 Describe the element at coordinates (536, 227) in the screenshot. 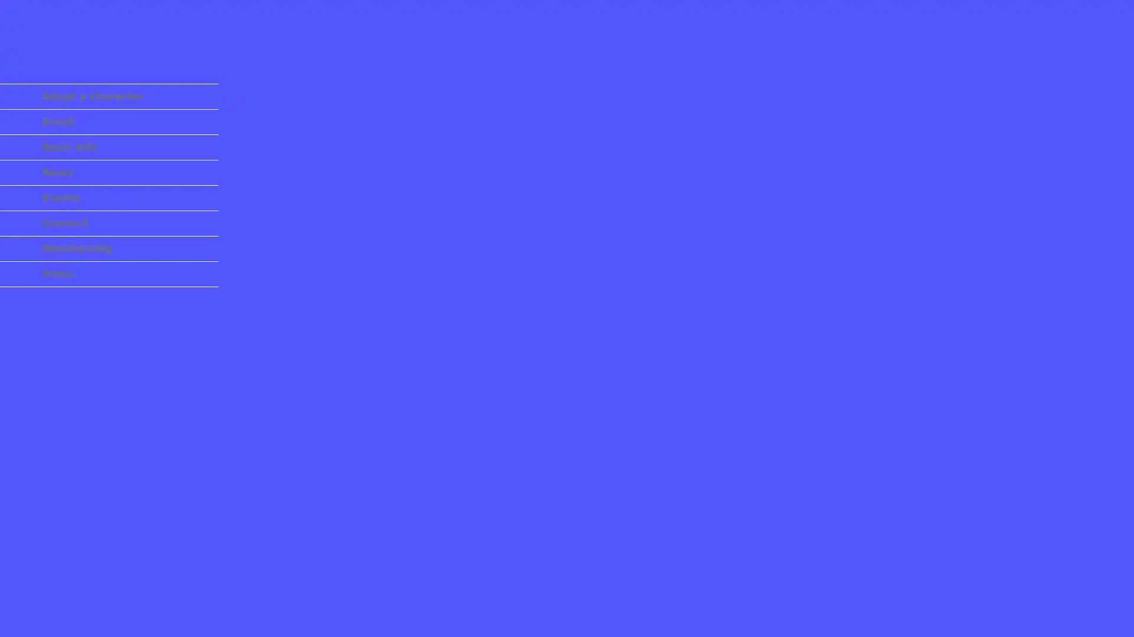

I see `U+30CE` at that location.